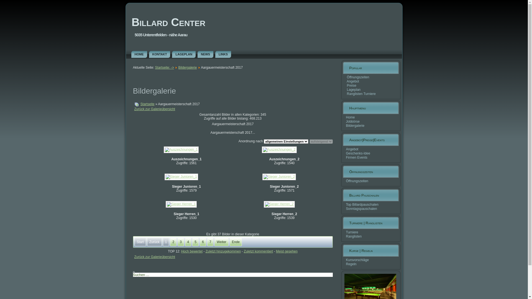 This screenshot has width=532, height=299. What do you see at coordinates (178, 242) in the screenshot?
I see `'3'` at bounding box center [178, 242].